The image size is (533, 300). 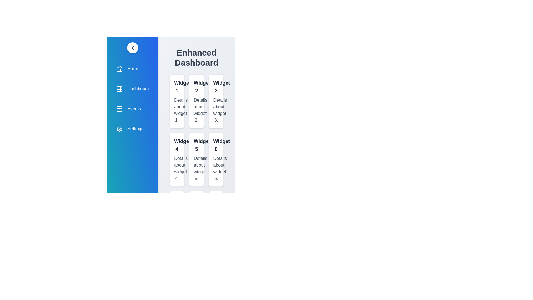 I want to click on the navigation item labeled Home to navigate to that section, so click(x=132, y=68).